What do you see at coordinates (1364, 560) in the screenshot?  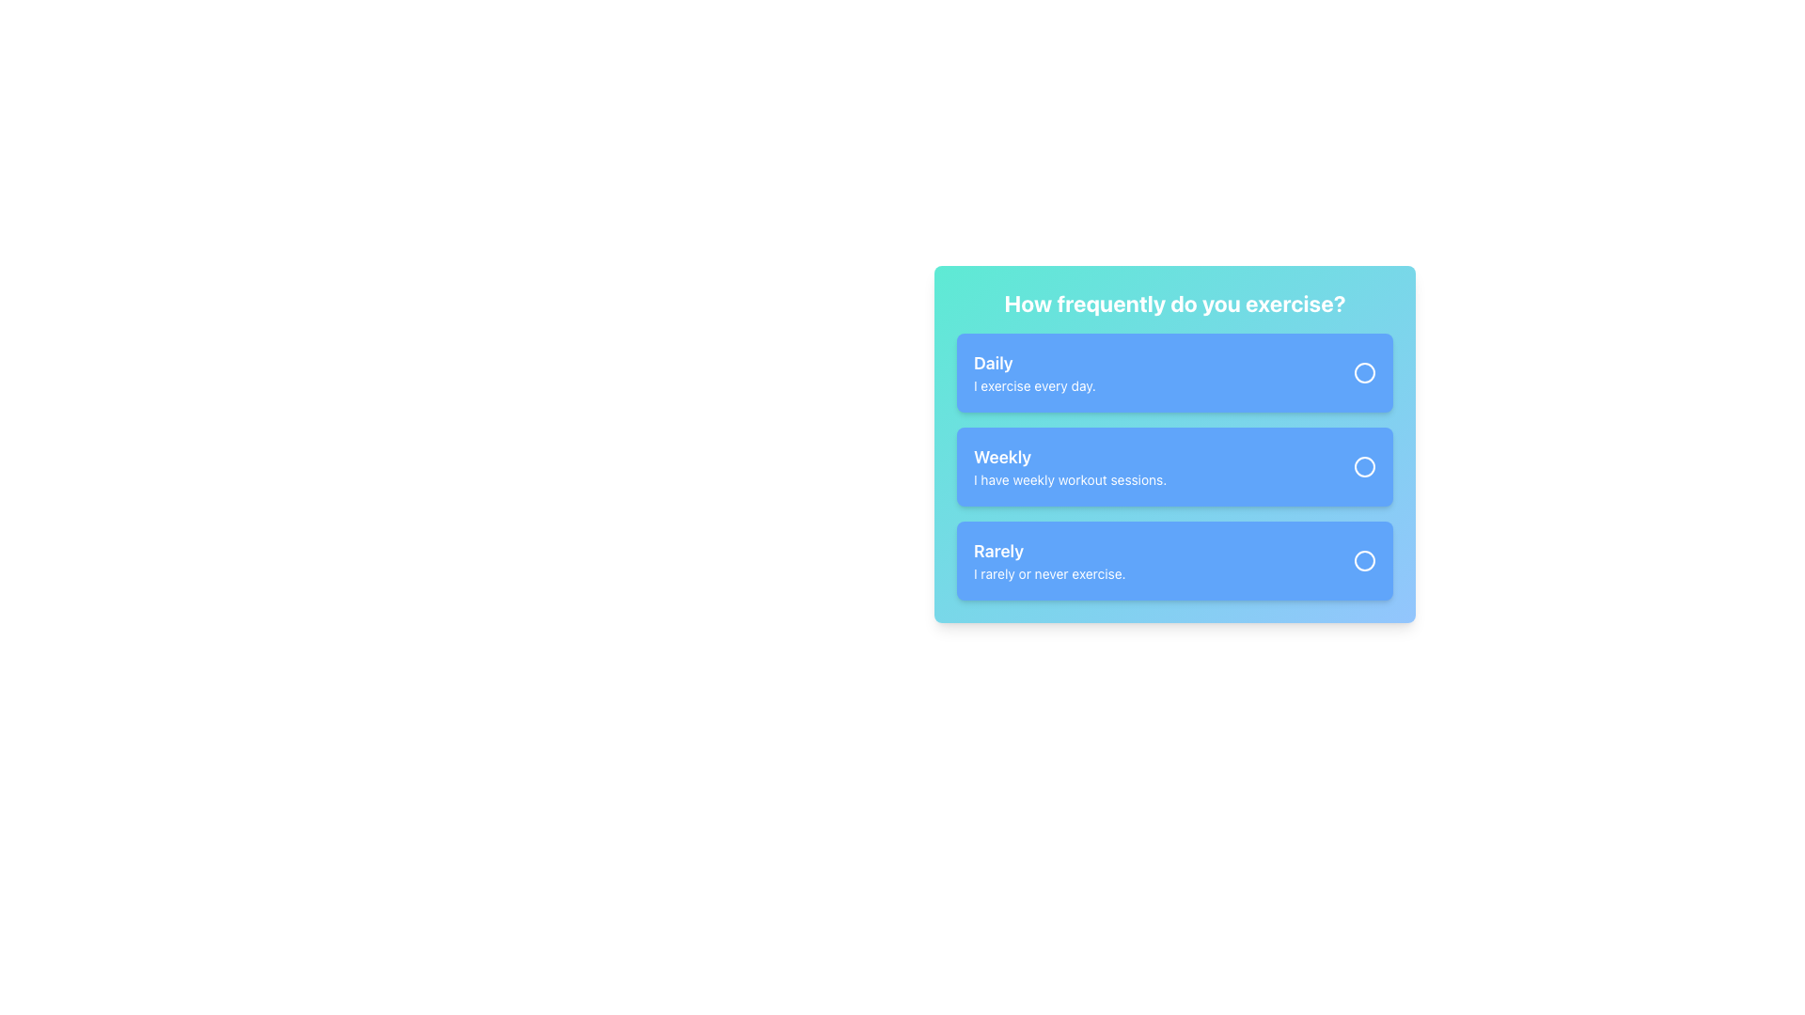 I see `the third radio button indicator` at bounding box center [1364, 560].